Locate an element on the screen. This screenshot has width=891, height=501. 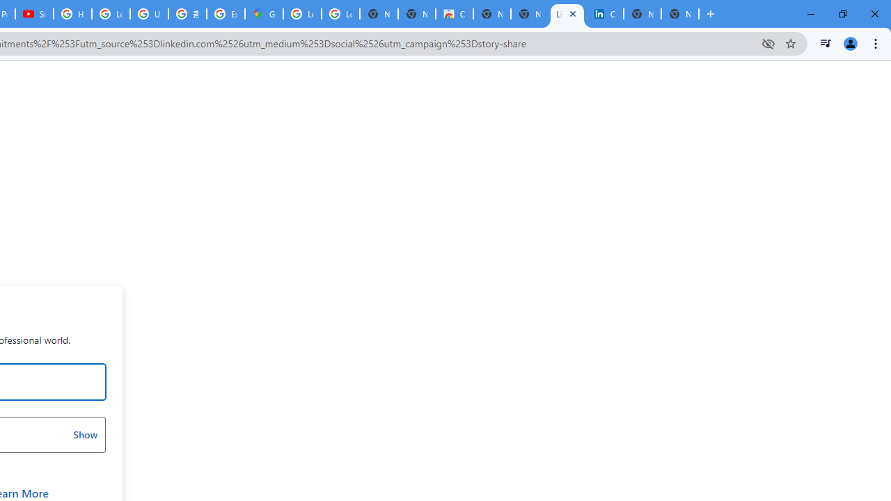
'LinkedIn Login, Sign in | LinkedIn' is located at coordinates (567, 14).